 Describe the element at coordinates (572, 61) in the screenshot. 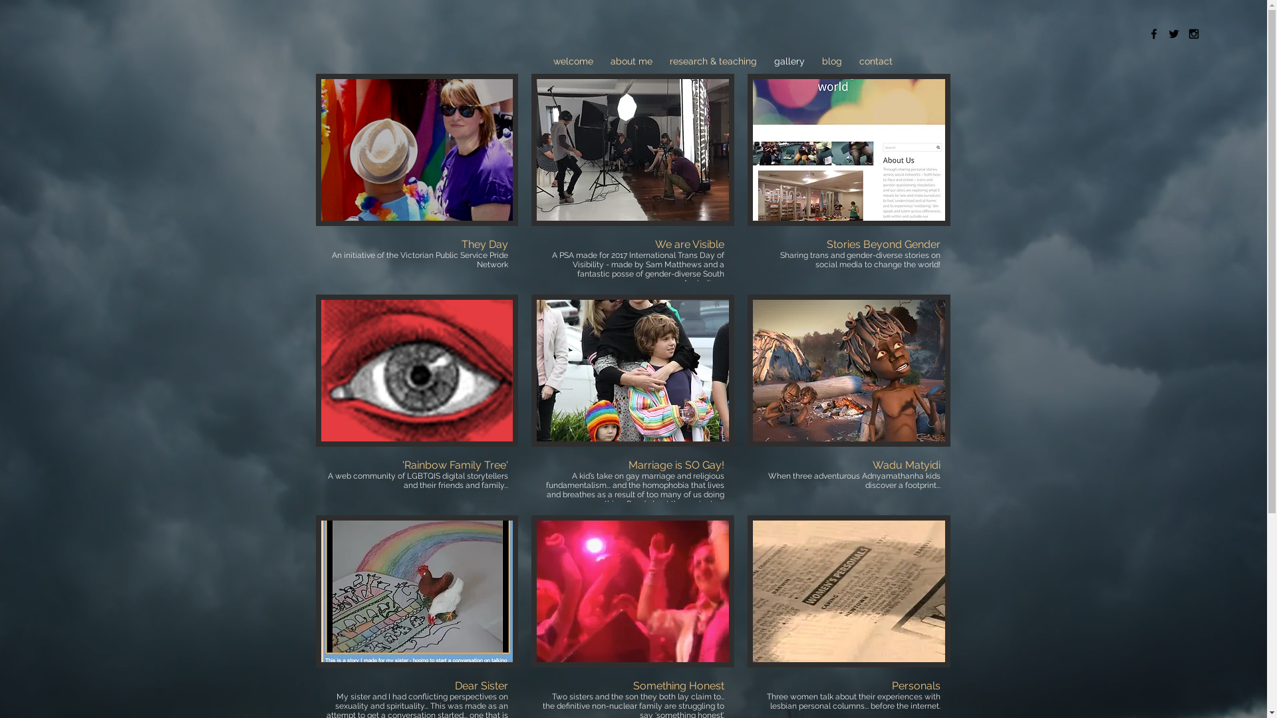

I see `'welcome'` at that location.